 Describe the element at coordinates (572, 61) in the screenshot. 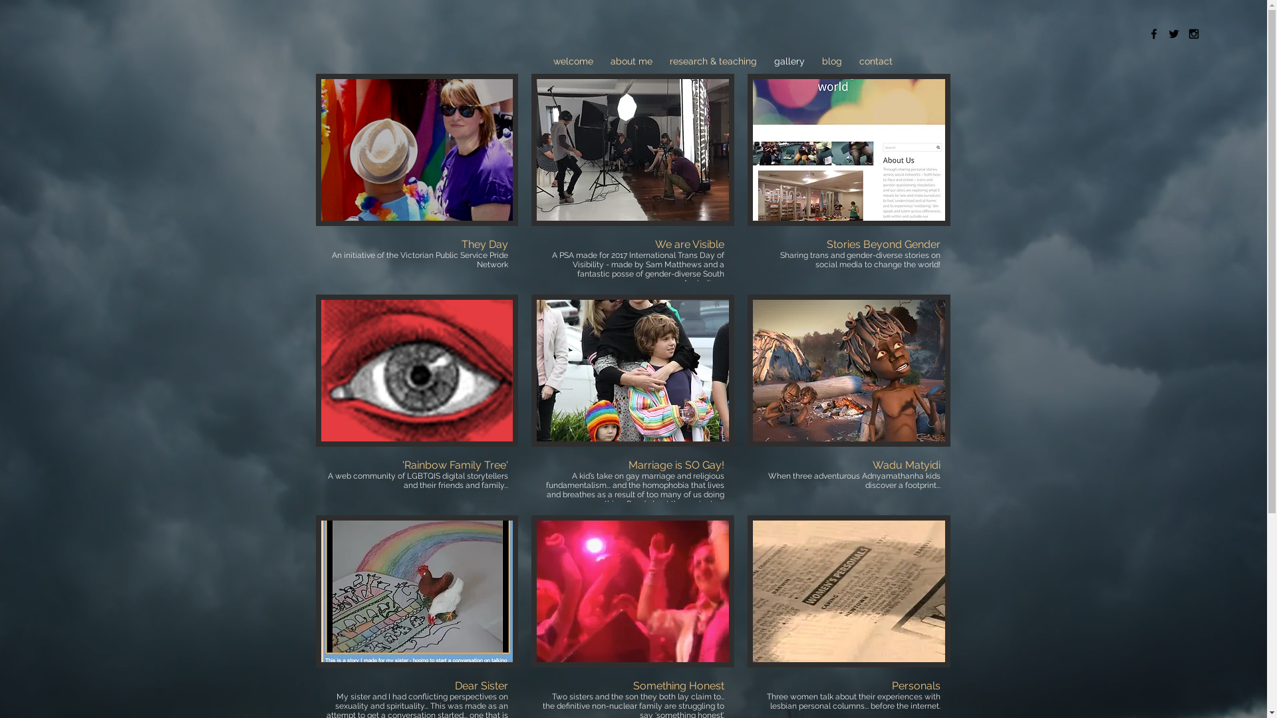

I see `'welcome'` at that location.